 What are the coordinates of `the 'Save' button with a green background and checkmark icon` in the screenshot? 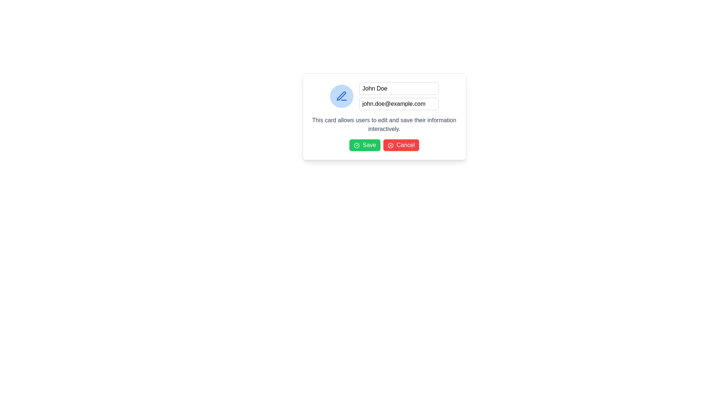 It's located at (365, 145).